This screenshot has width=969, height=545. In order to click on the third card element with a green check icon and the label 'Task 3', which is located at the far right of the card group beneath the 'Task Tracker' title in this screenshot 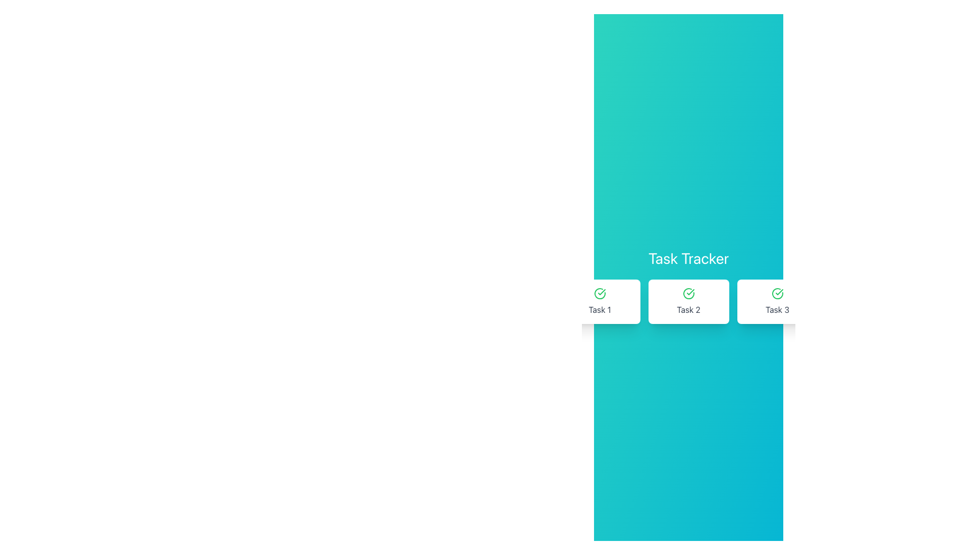, I will do `click(777, 301)`.